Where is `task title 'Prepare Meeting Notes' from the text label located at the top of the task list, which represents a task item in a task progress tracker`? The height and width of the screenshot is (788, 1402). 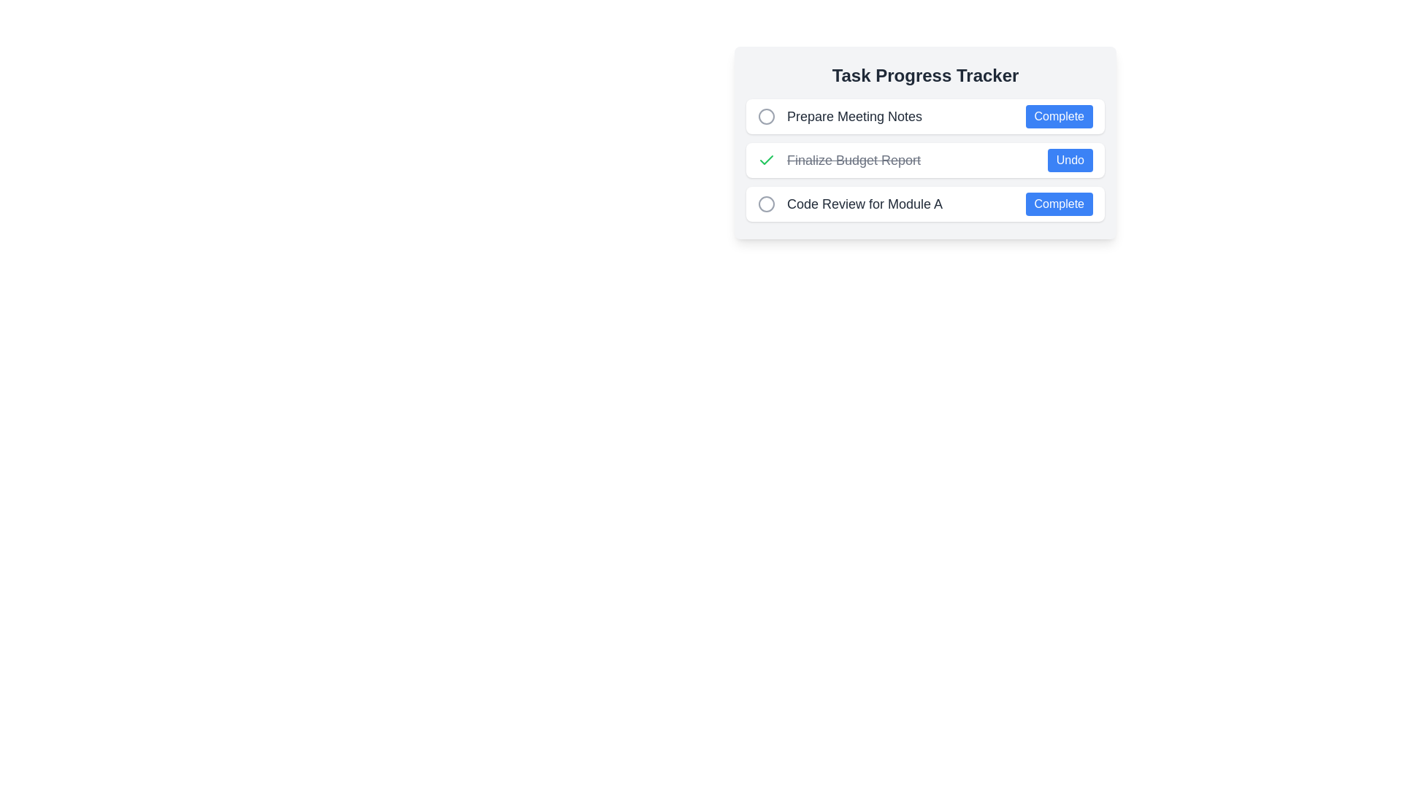 task title 'Prepare Meeting Notes' from the text label located at the top of the task list, which represents a task item in a task progress tracker is located at coordinates (840, 115).